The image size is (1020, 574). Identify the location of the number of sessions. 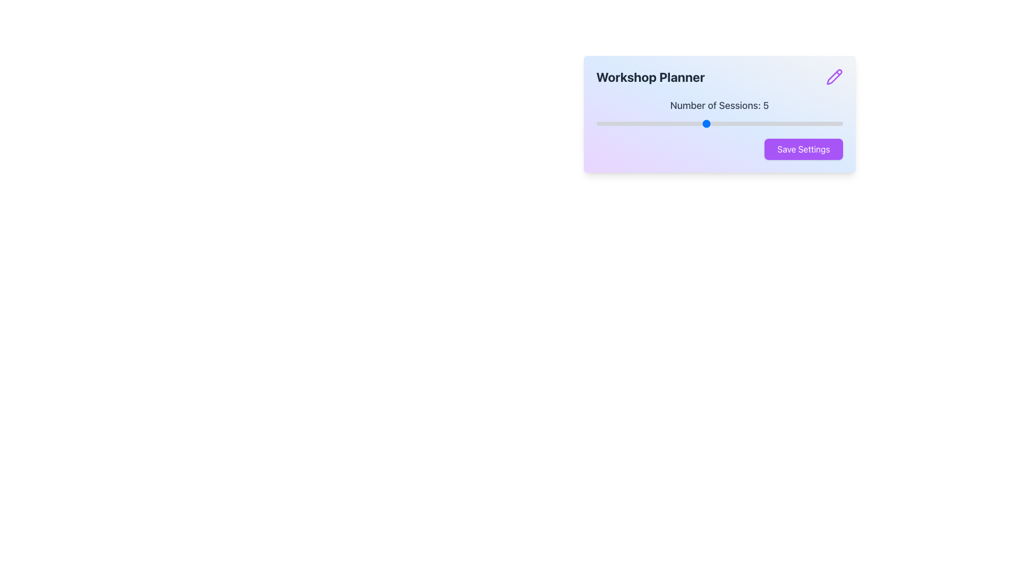
(596, 123).